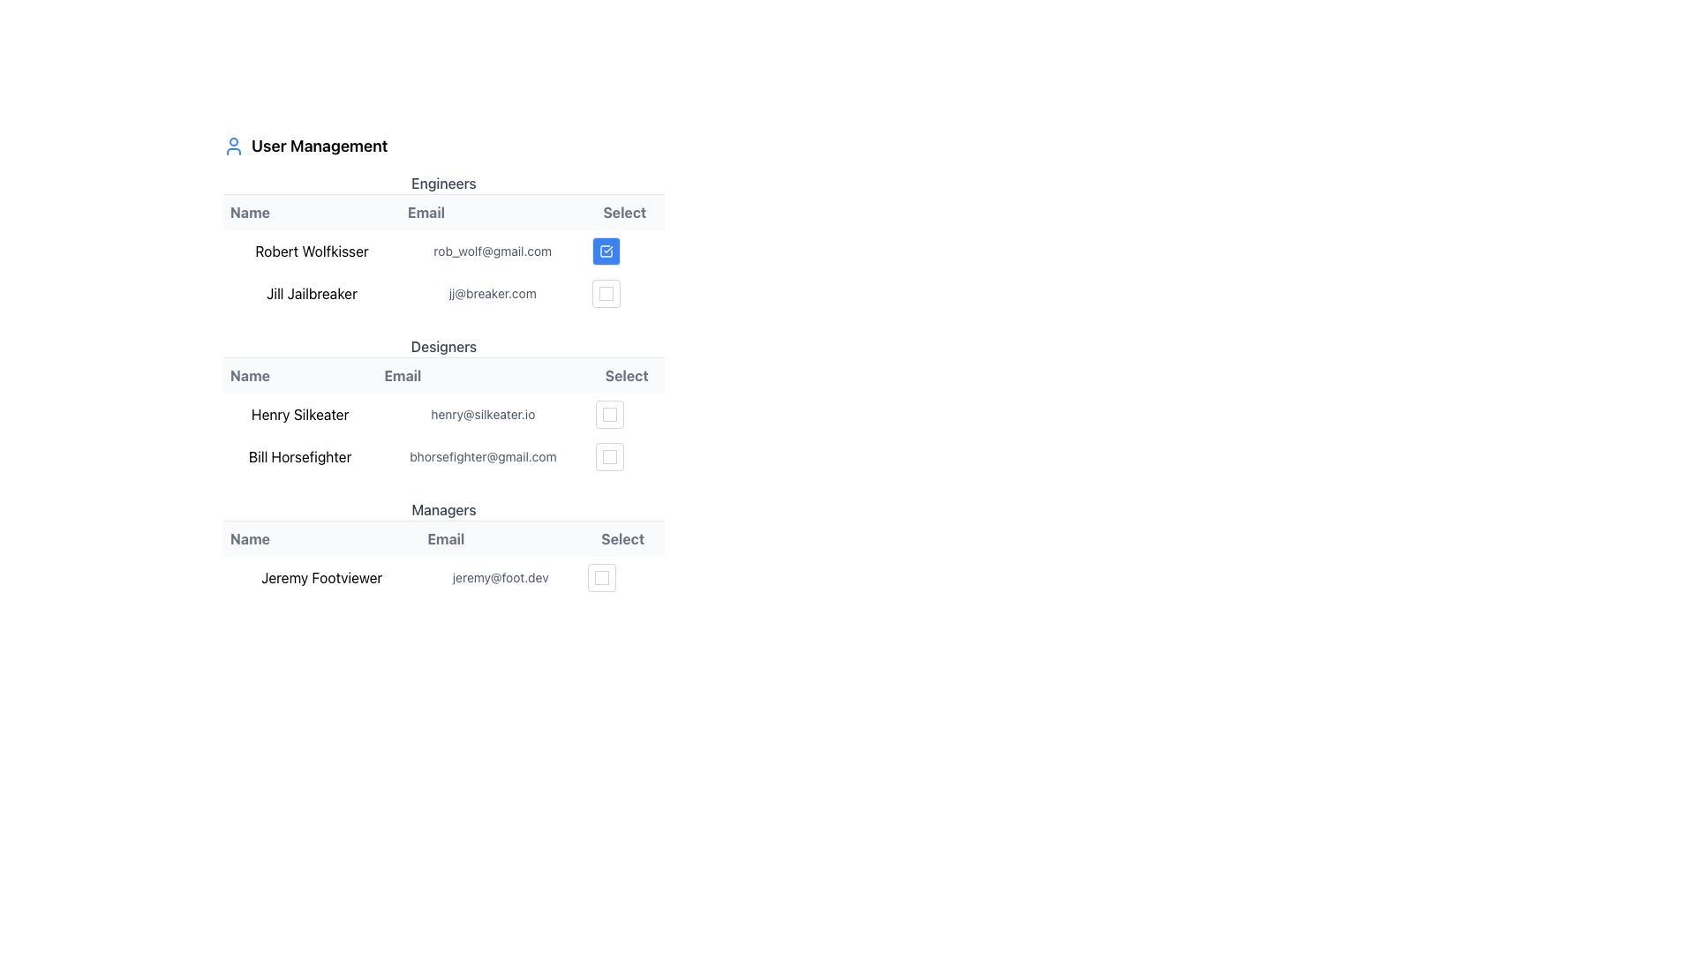 The image size is (1695, 953). What do you see at coordinates (444, 435) in the screenshot?
I see `the selection checkbox in the Table Row Group displaying user details for 'Henry Silkeater' and 'Bill Horsefighter' under the 'Designers' section` at bounding box center [444, 435].